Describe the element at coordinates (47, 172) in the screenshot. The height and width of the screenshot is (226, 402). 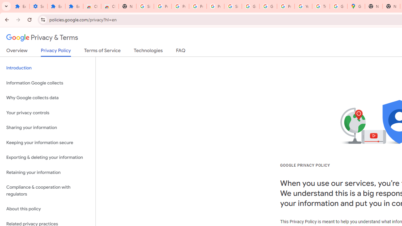
I see `'Retaining your information'` at that location.